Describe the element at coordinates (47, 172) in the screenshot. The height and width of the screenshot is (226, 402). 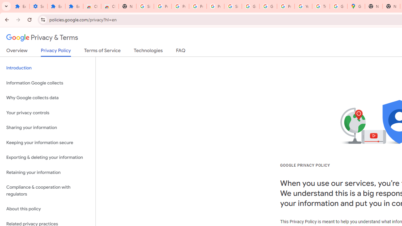
I see `'Retaining your information'` at that location.